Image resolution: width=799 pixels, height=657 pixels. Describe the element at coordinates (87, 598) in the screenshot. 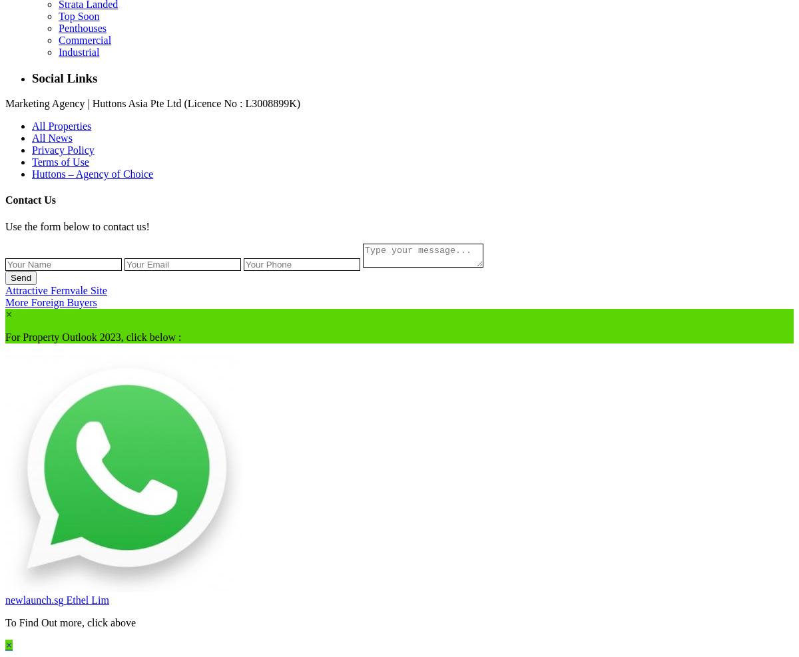

I see `'Ethel Lim'` at that location.